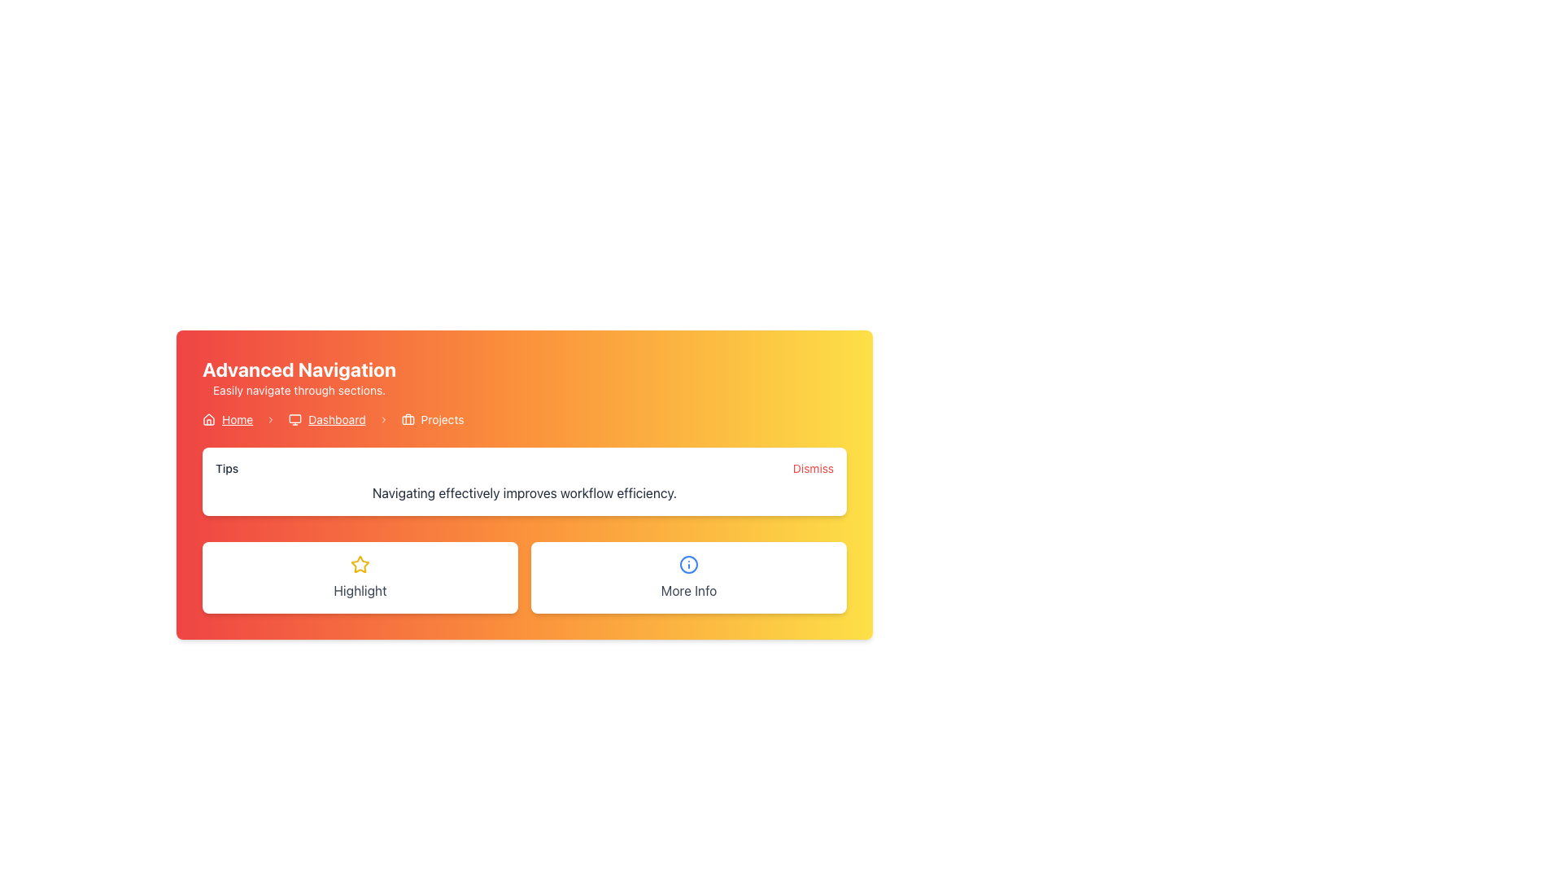 This screenshot has width=1562, height=879. I want to click on the graphical icon component of the monitor icon located in the breadcrumb navigation bar, so click(295, 418).